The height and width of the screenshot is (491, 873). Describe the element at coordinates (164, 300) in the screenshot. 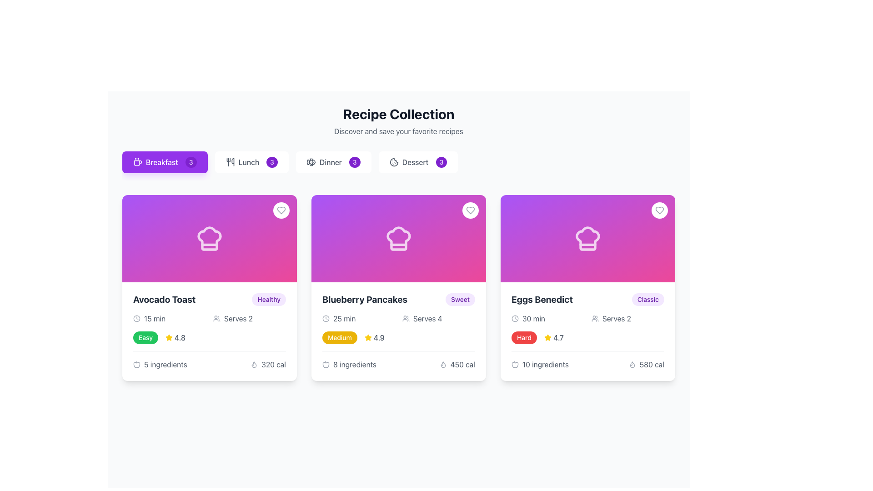

I see `title text of the recipe located at the top-left corner of the leftmost tile card in the recipe items layout` at that location.